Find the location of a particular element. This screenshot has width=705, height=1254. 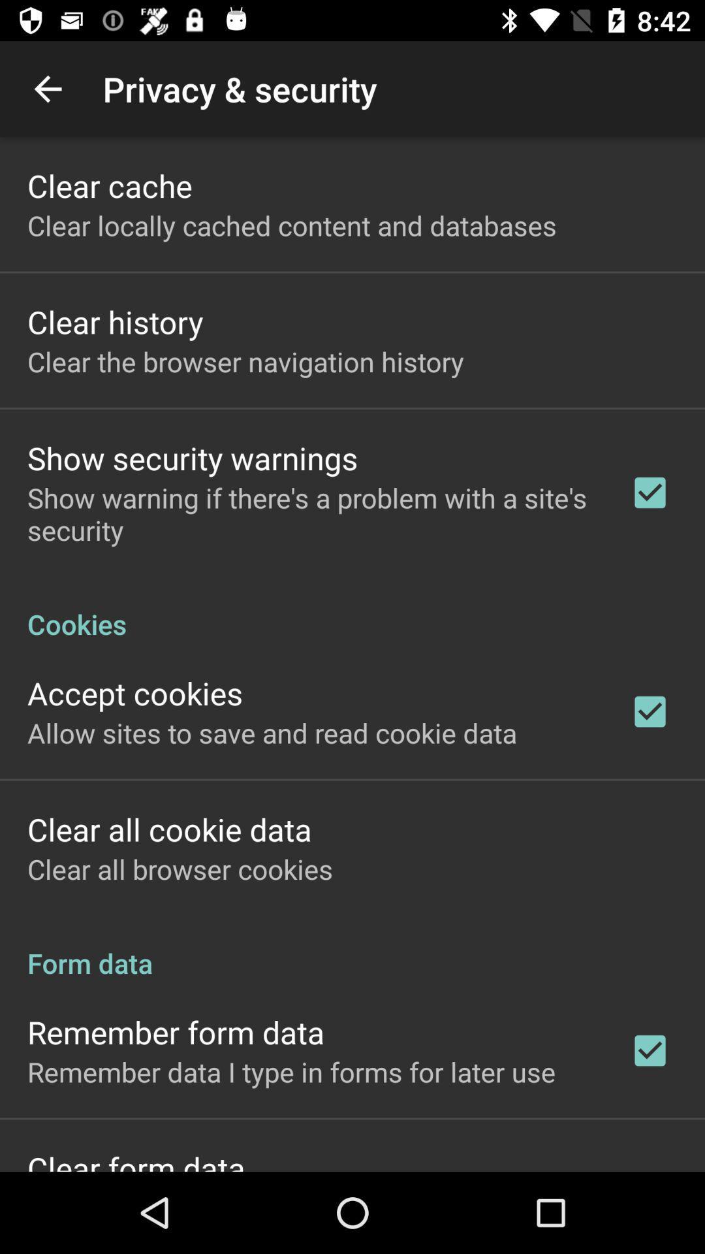

clear locally cached icon is located at coordinates (291, 225).